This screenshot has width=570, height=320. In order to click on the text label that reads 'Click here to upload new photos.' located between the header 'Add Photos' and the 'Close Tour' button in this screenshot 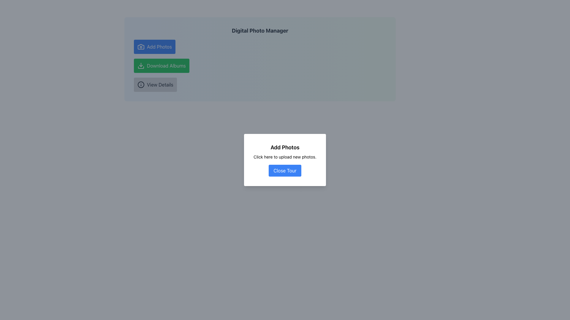, I will do `click(285, 156)`.